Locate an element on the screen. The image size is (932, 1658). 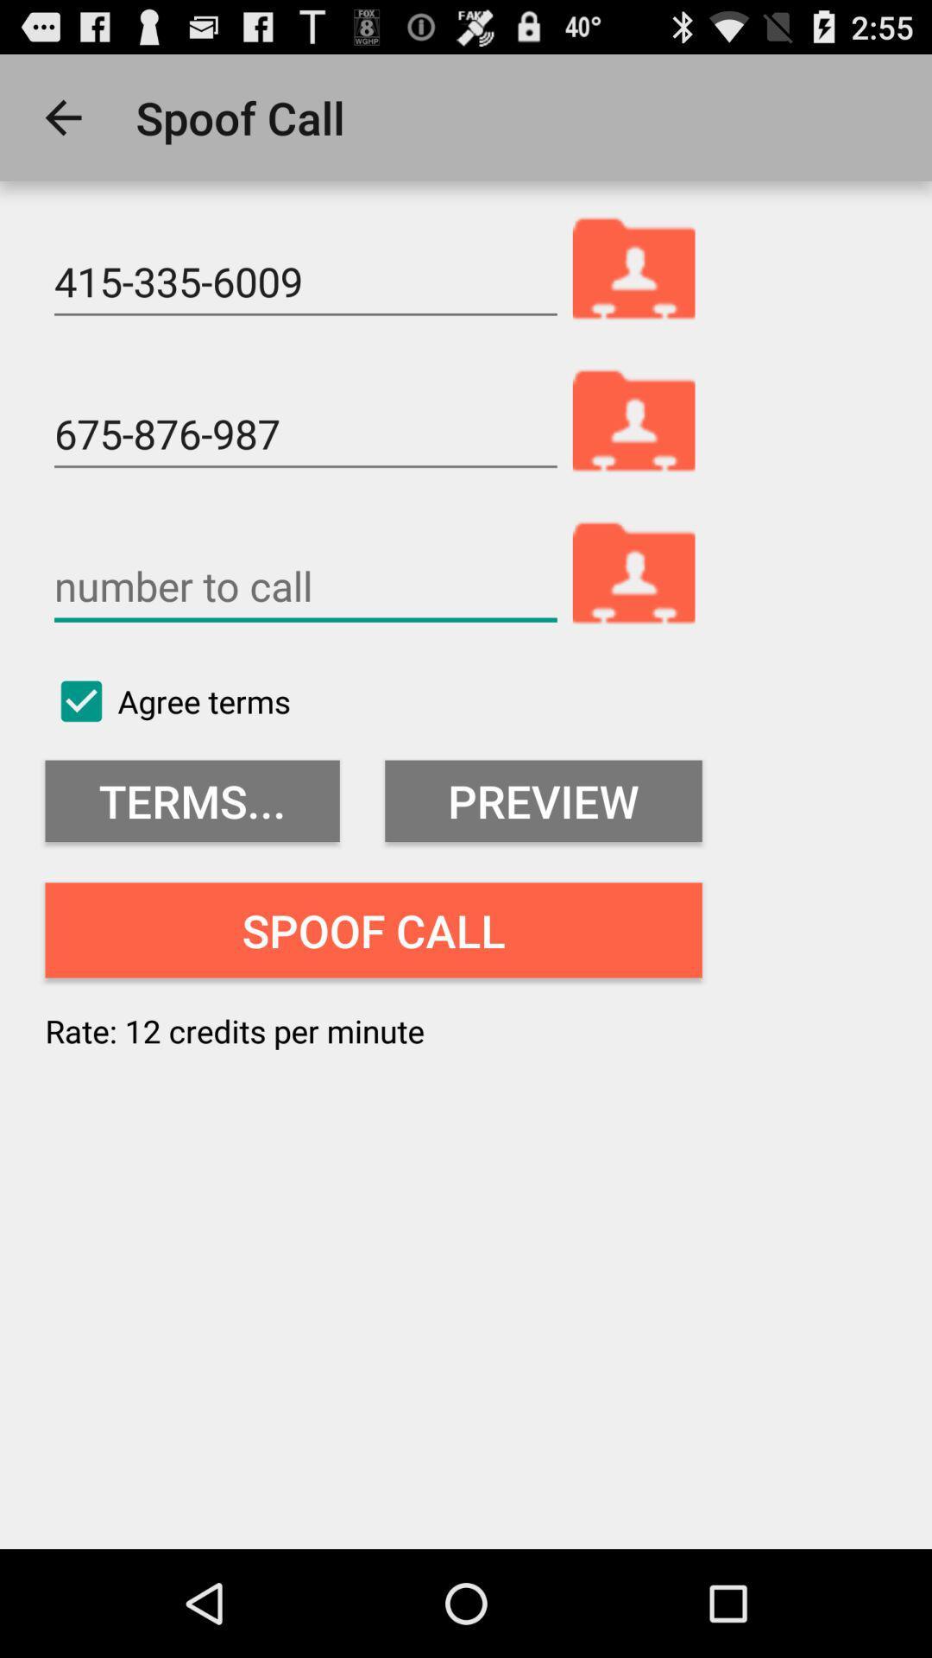
the item below 675-876-987 icon is located at coordinates (305, 586).